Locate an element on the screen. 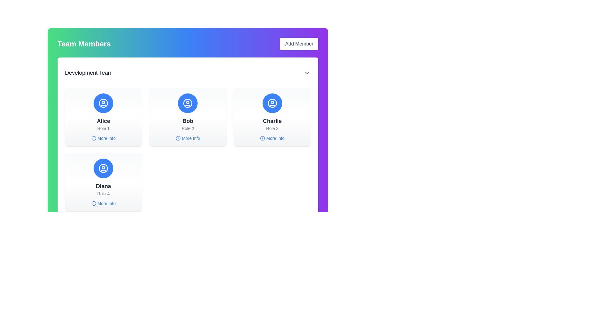  the circular graphic component representing additional information for Charlie's card, located inside the information button in the 'More Info' area is located at coordinates (263, 138).